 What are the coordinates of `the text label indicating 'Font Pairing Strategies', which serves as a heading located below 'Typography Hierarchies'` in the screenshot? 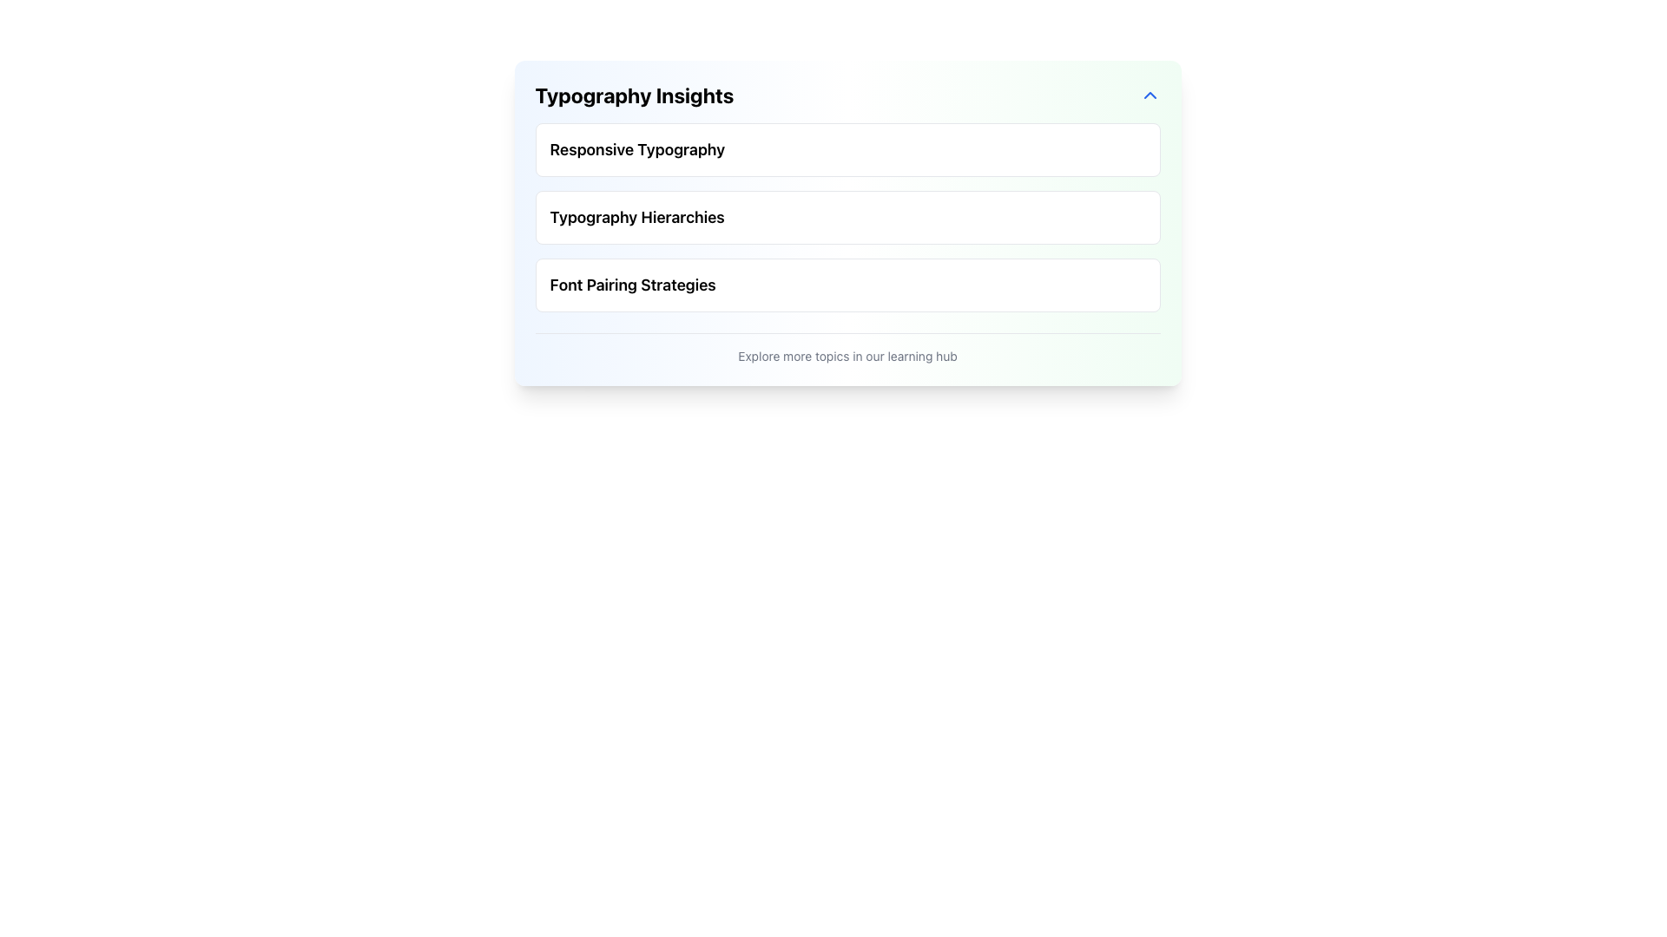 It's located at (632, 284).